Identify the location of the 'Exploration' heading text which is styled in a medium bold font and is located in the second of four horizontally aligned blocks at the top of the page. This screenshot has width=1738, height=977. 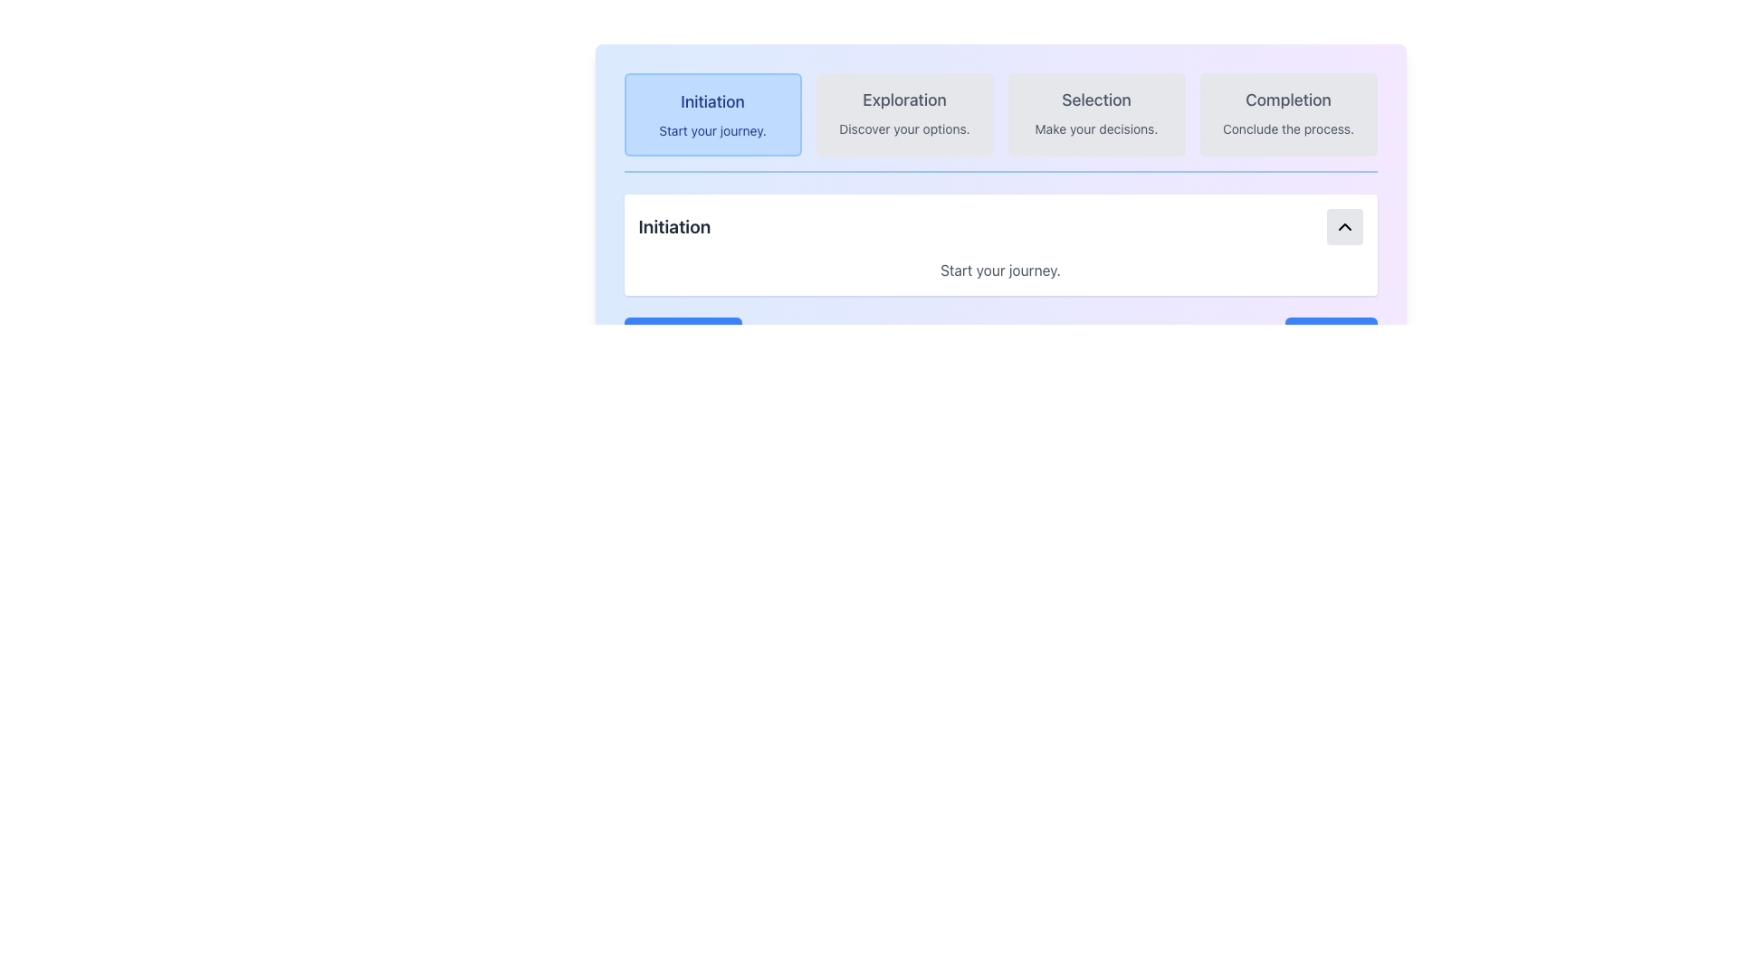
(904, 100).